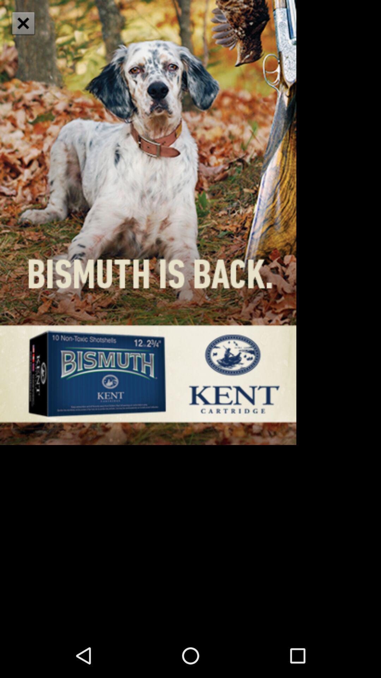  What do you see at coordinates (23, 25) in the screenshot?
I see `the close icon` at bounding box center [23, 25].